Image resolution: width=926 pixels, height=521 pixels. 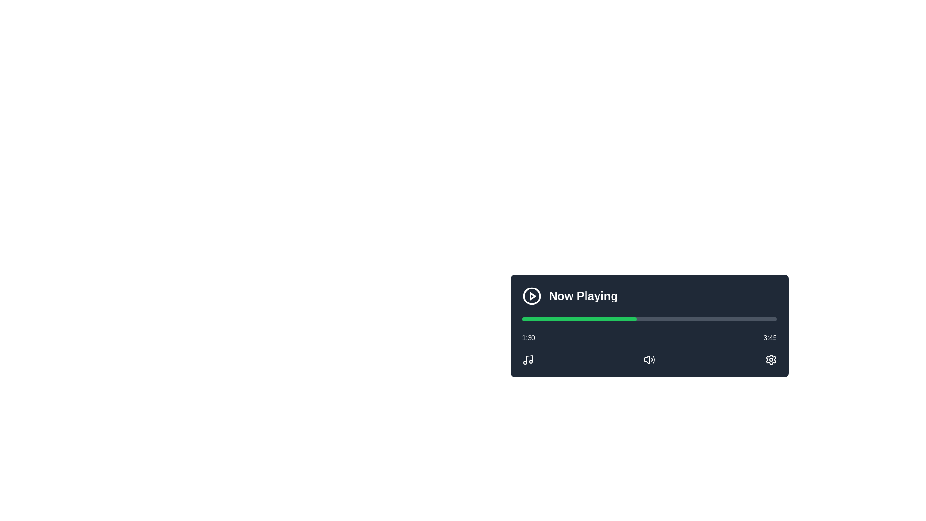 I want to click on the outermost arc of the speaker icon located on the bottom panel of the media controls to trigger a tooltip or highlight, so click(x=654, y=359).